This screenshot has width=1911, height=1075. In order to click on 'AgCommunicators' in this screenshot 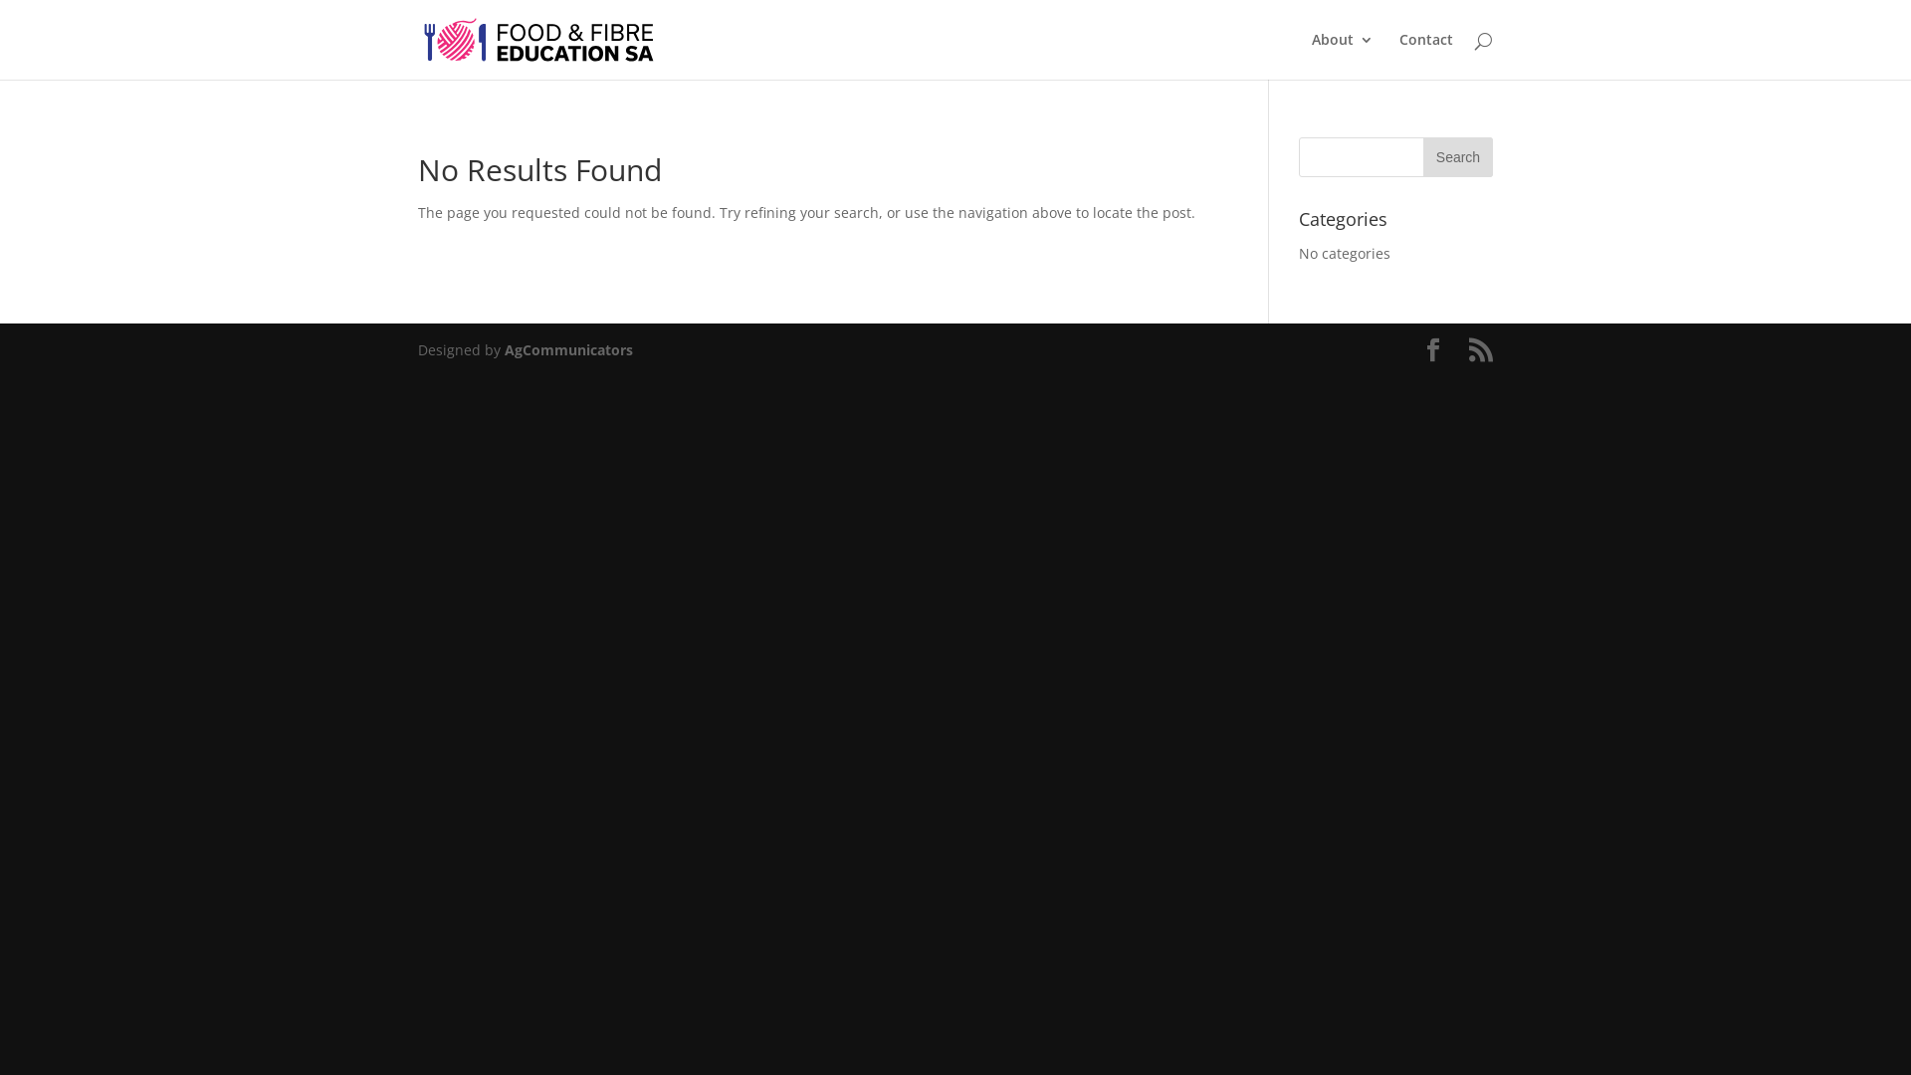, I will do `click(567, 348)`.